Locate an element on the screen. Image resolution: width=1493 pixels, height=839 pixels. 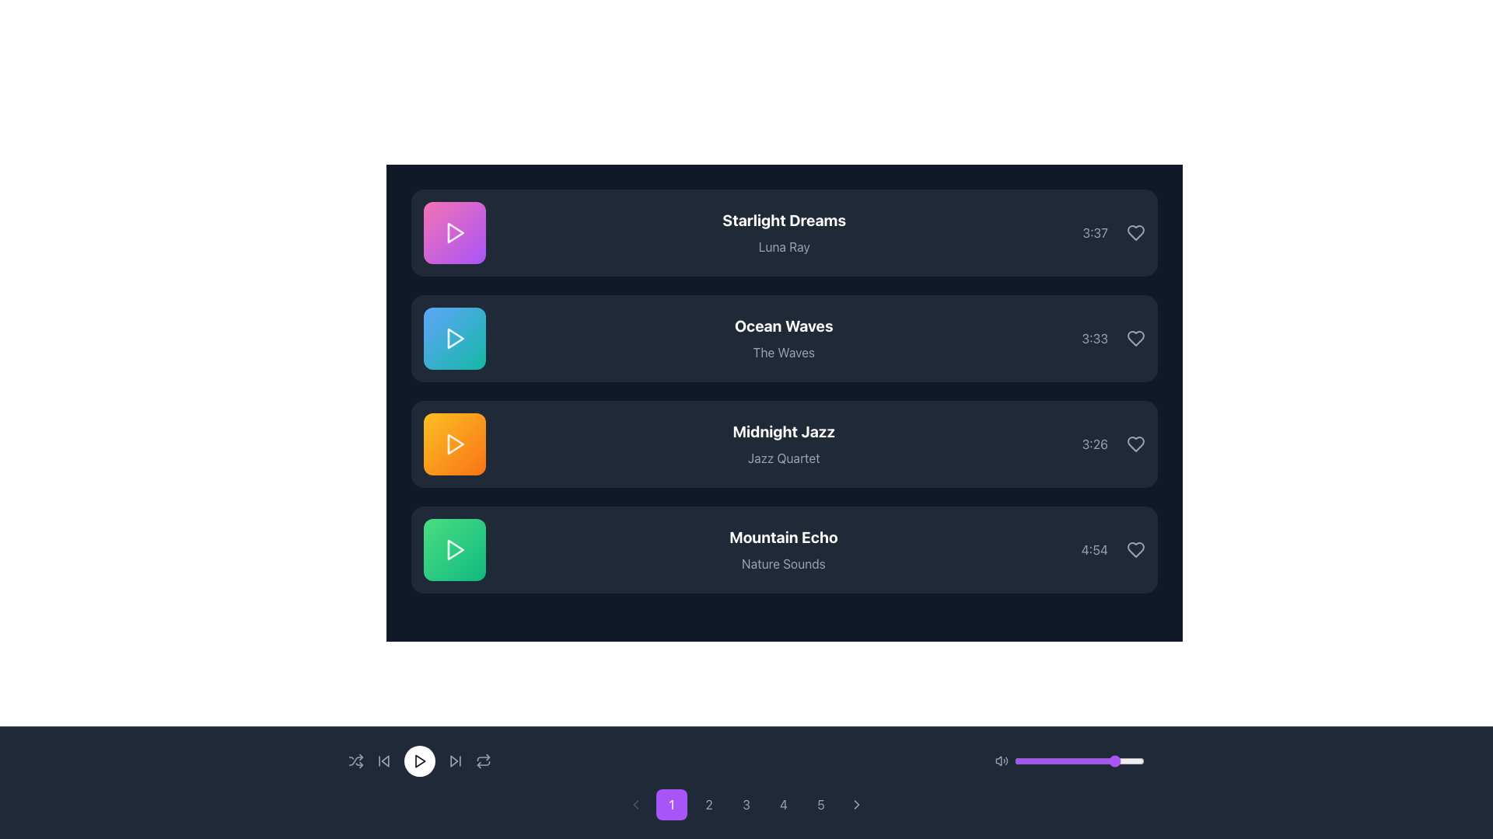
the 'Skip Forward' button located in the bottom control section of the media interface to skip to the next media item is located at coordinates (454, 760).